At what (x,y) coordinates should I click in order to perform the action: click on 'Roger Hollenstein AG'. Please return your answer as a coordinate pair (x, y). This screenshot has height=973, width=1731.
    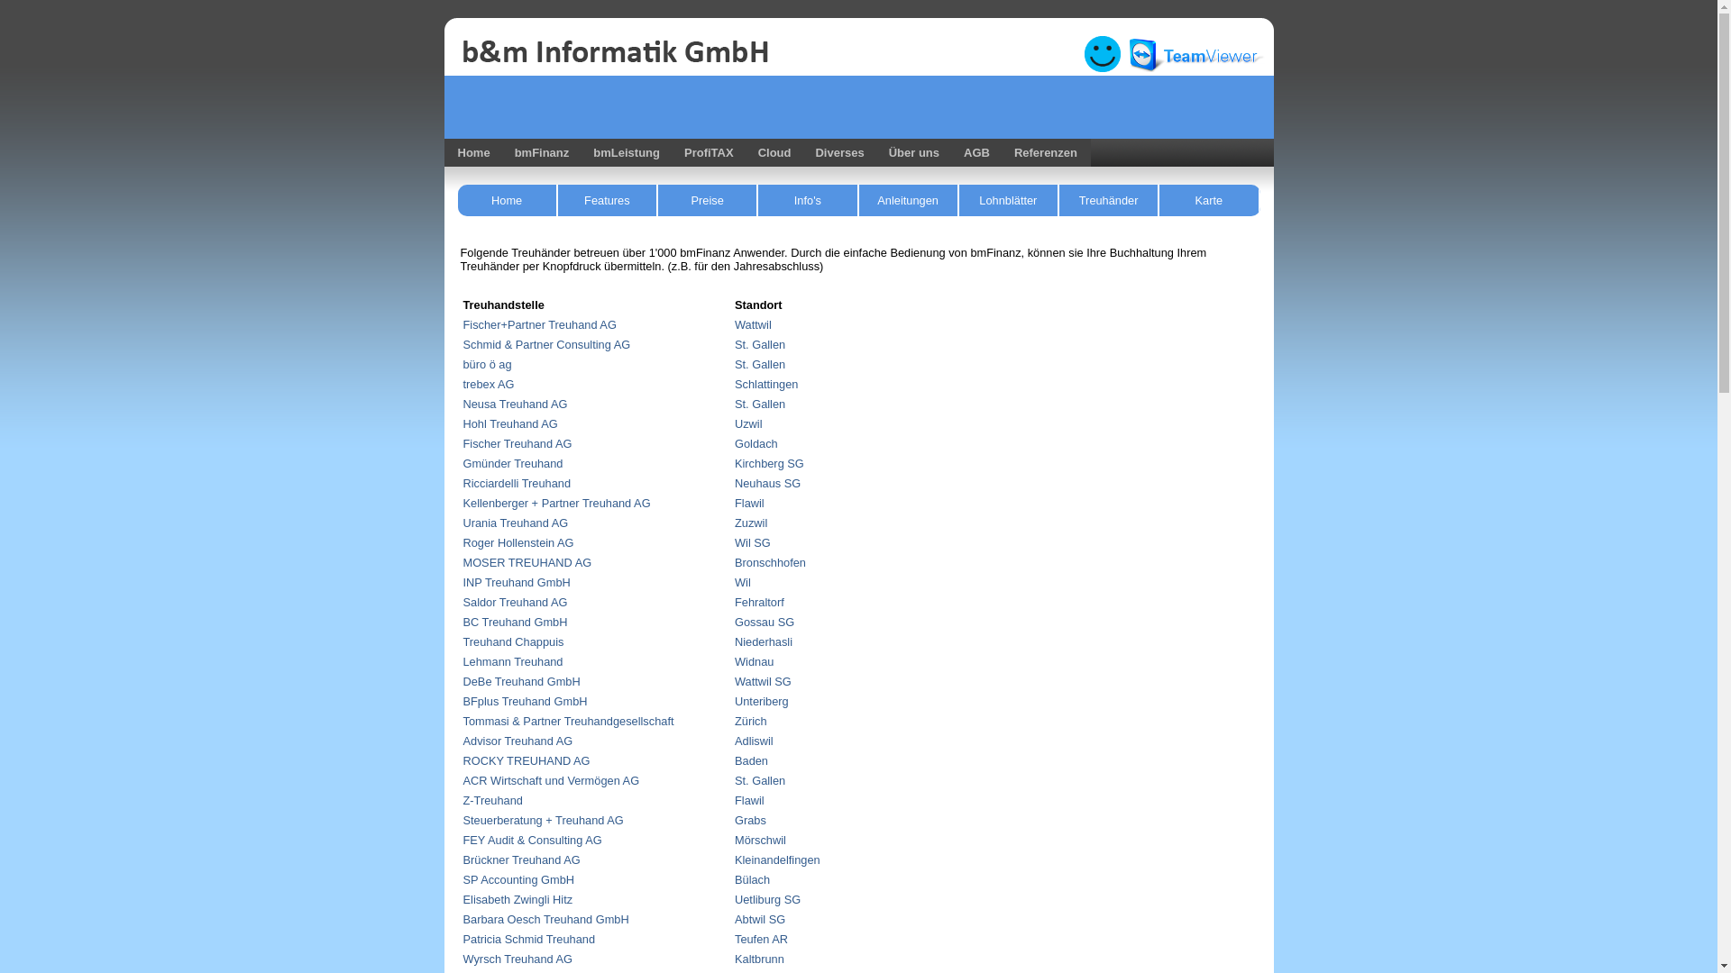
    Looking at the image, I should click on (517, 541).